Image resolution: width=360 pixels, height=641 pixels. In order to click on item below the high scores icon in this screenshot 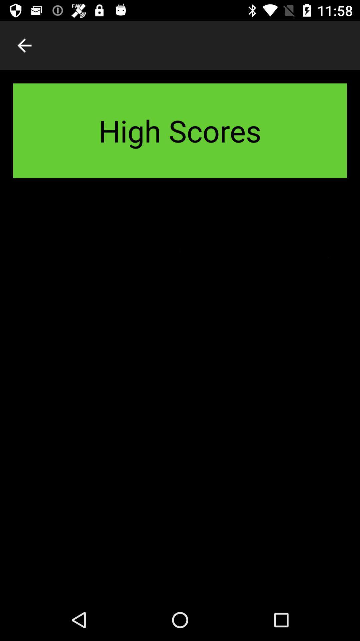, I will do `click(180, 395)`.